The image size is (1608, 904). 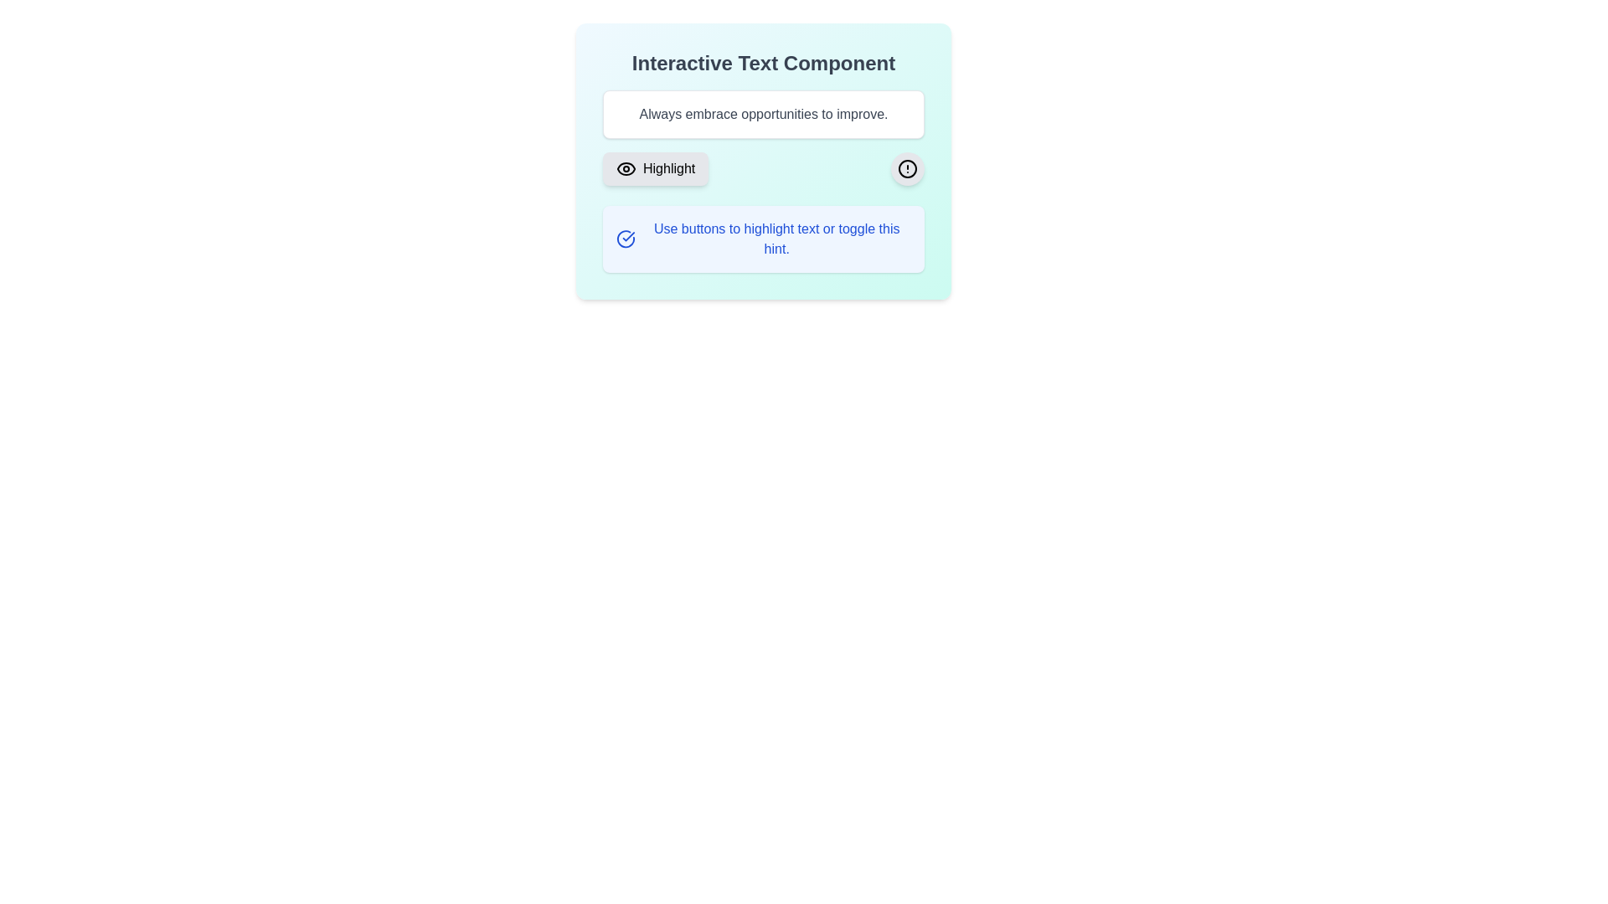 I want to click on the confirmation icon located to the left of the textual hint message at the bottom section of the interactive text component, so click(x=625, y=239).